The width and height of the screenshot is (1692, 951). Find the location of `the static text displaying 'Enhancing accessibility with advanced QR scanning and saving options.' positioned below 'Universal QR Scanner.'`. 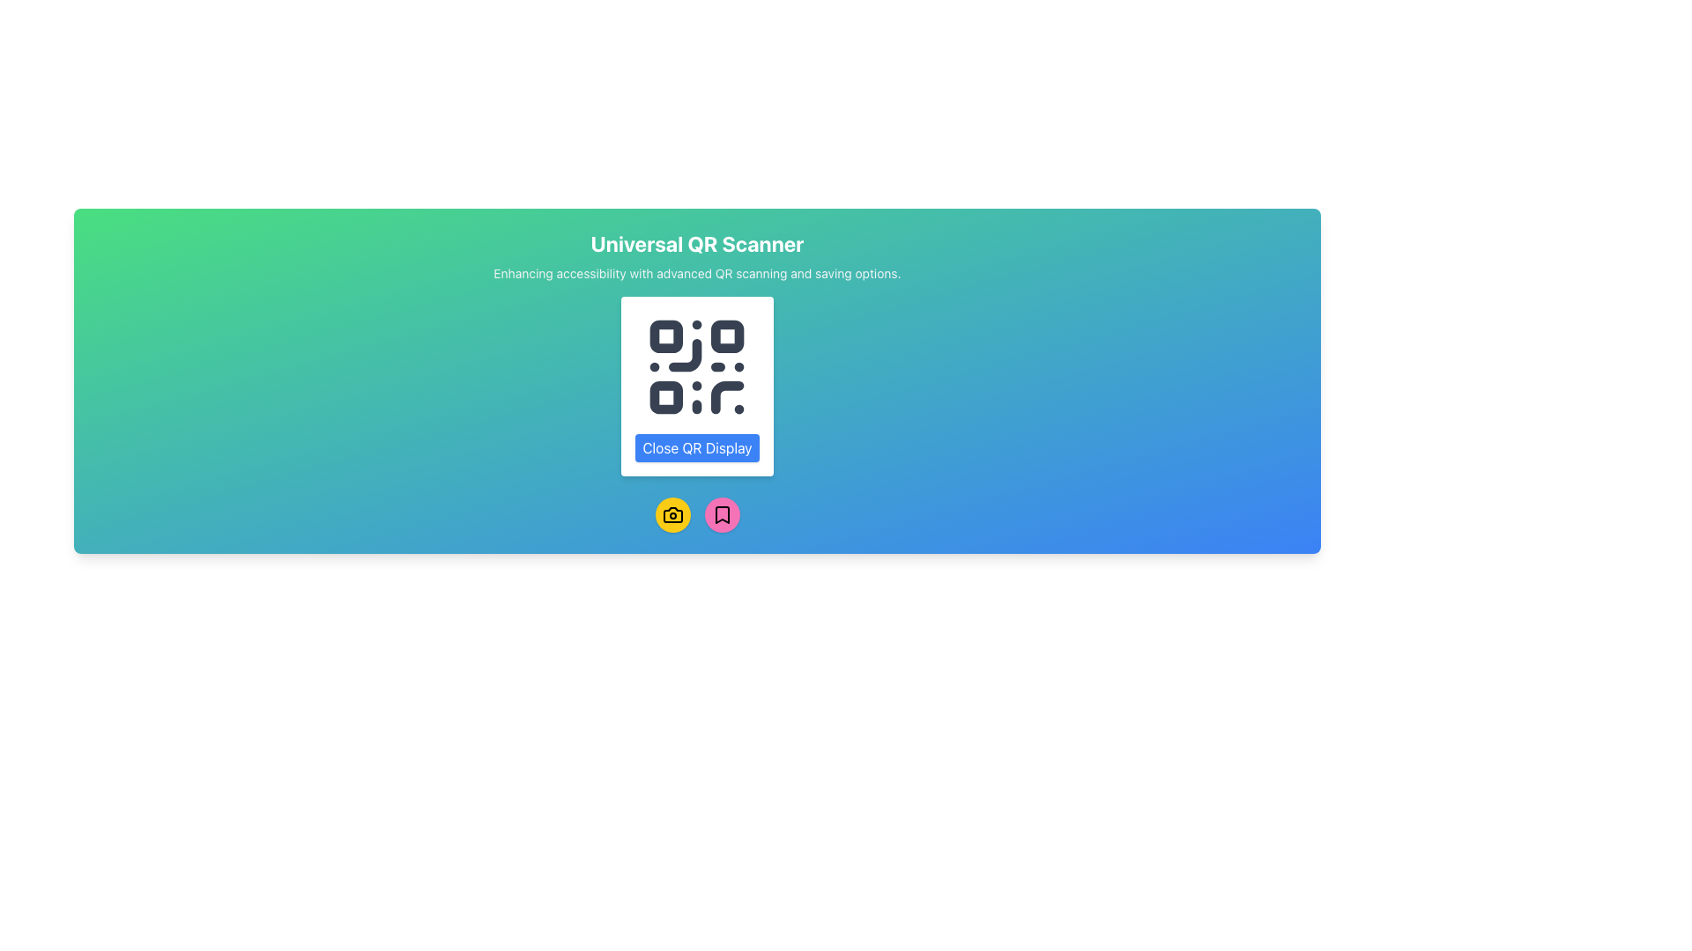

the static text displaying 'Enhancing accessibility with advanced QR scanning and saving options.' positioned below 'Universal QR Scanner.' is located at coordinates (696, 274).